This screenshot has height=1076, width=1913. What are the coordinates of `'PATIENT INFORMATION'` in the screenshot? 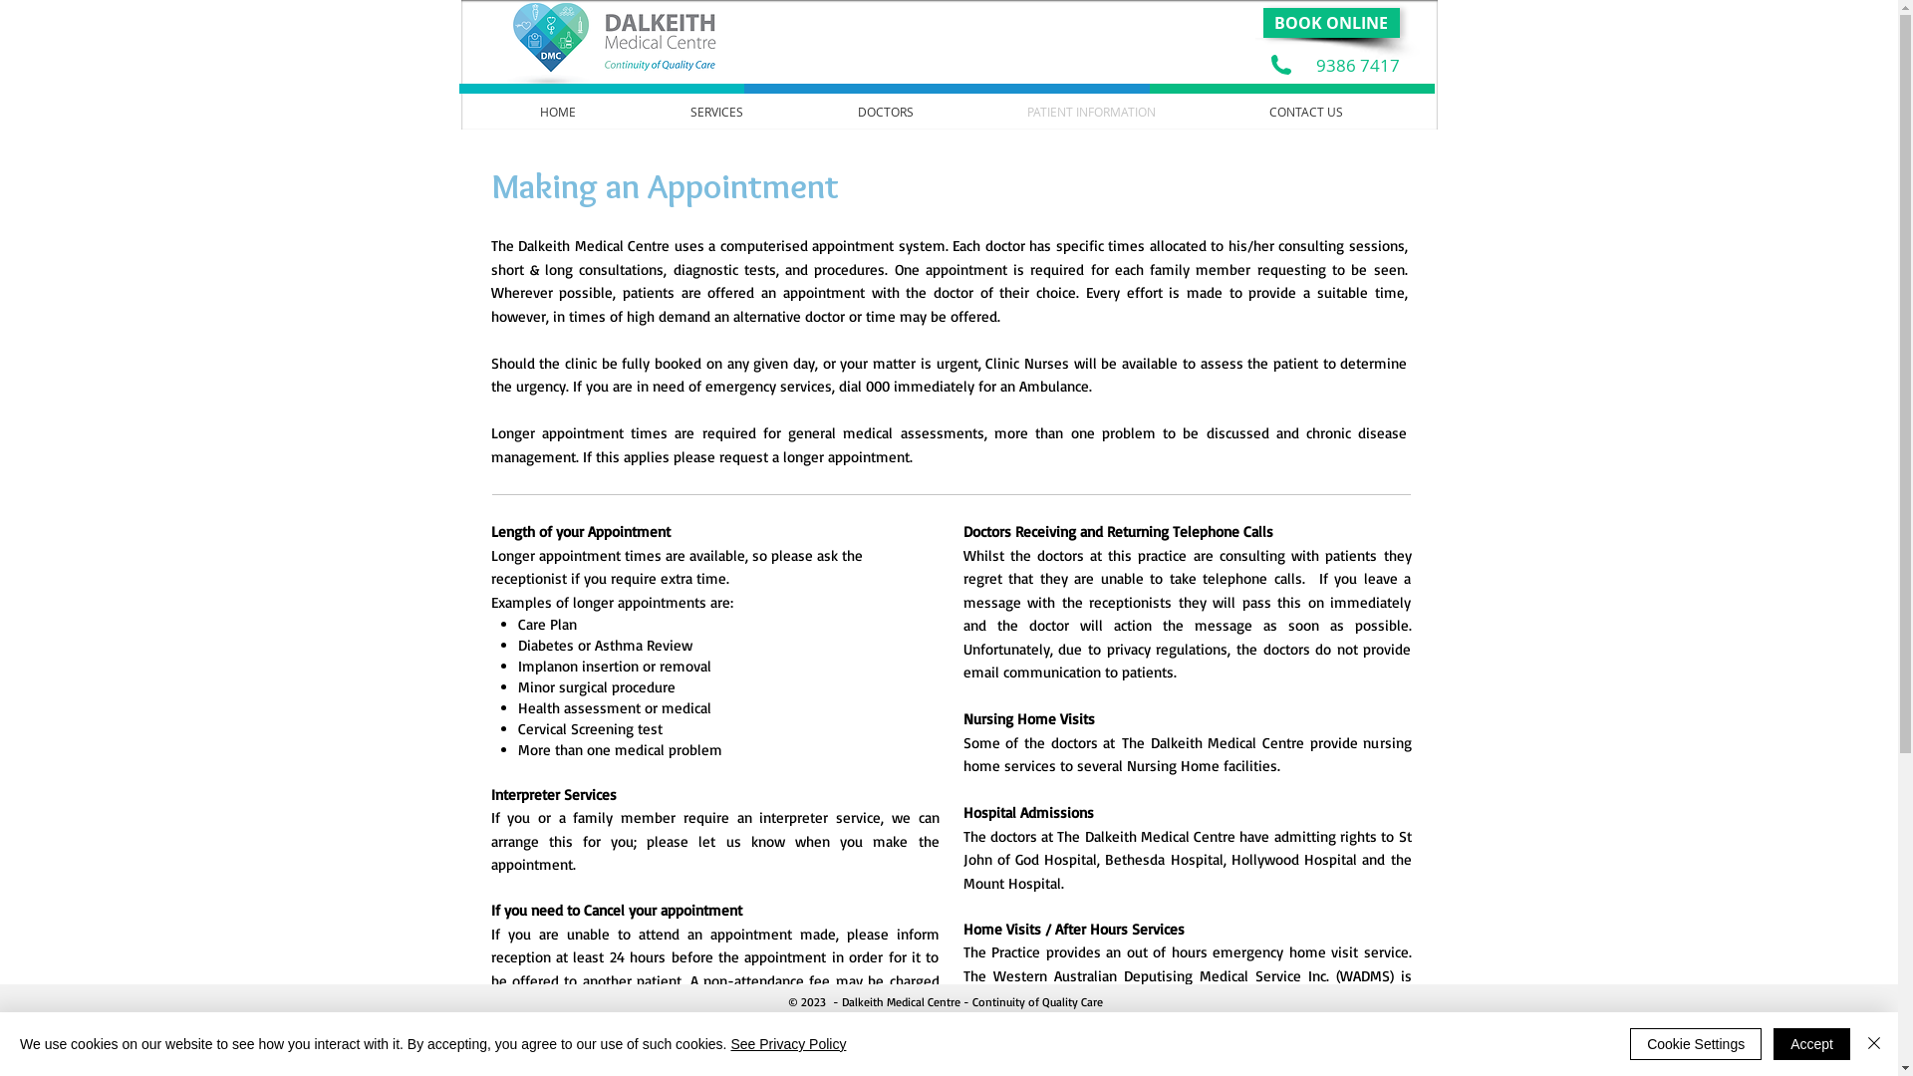 It's located at (1090, 111).